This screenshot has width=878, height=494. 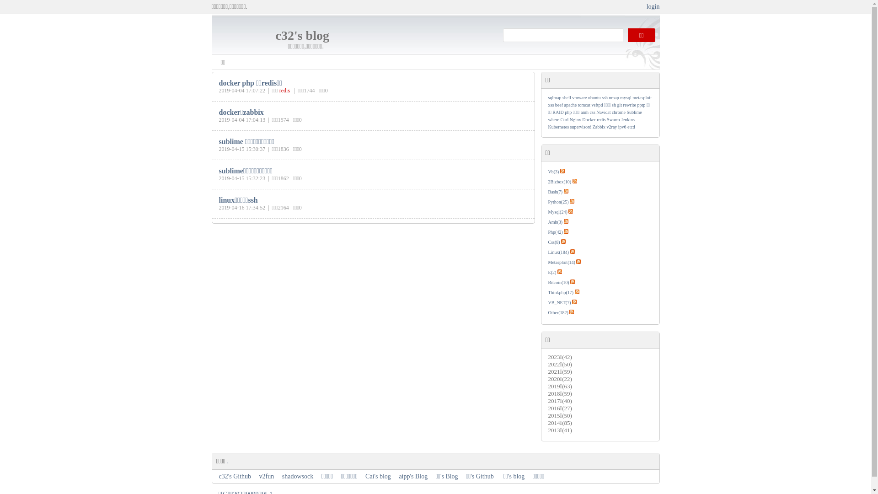 I want to click on 'Other(182)', so click(x=557, y=312).